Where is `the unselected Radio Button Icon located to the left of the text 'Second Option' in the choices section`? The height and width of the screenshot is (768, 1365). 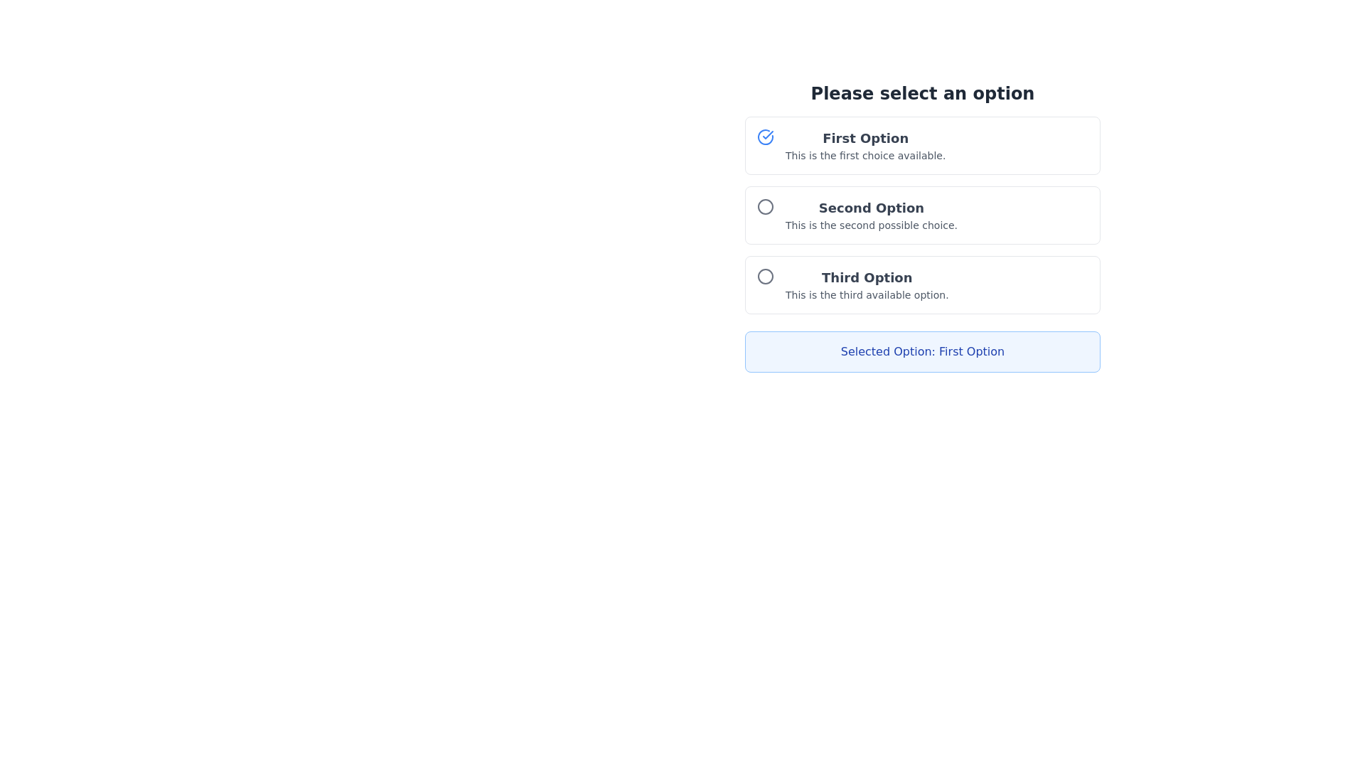 the unselected Radio Button Icon located to the left of the text 'Second Option' in the choices section is located at coordinates (764, 215).